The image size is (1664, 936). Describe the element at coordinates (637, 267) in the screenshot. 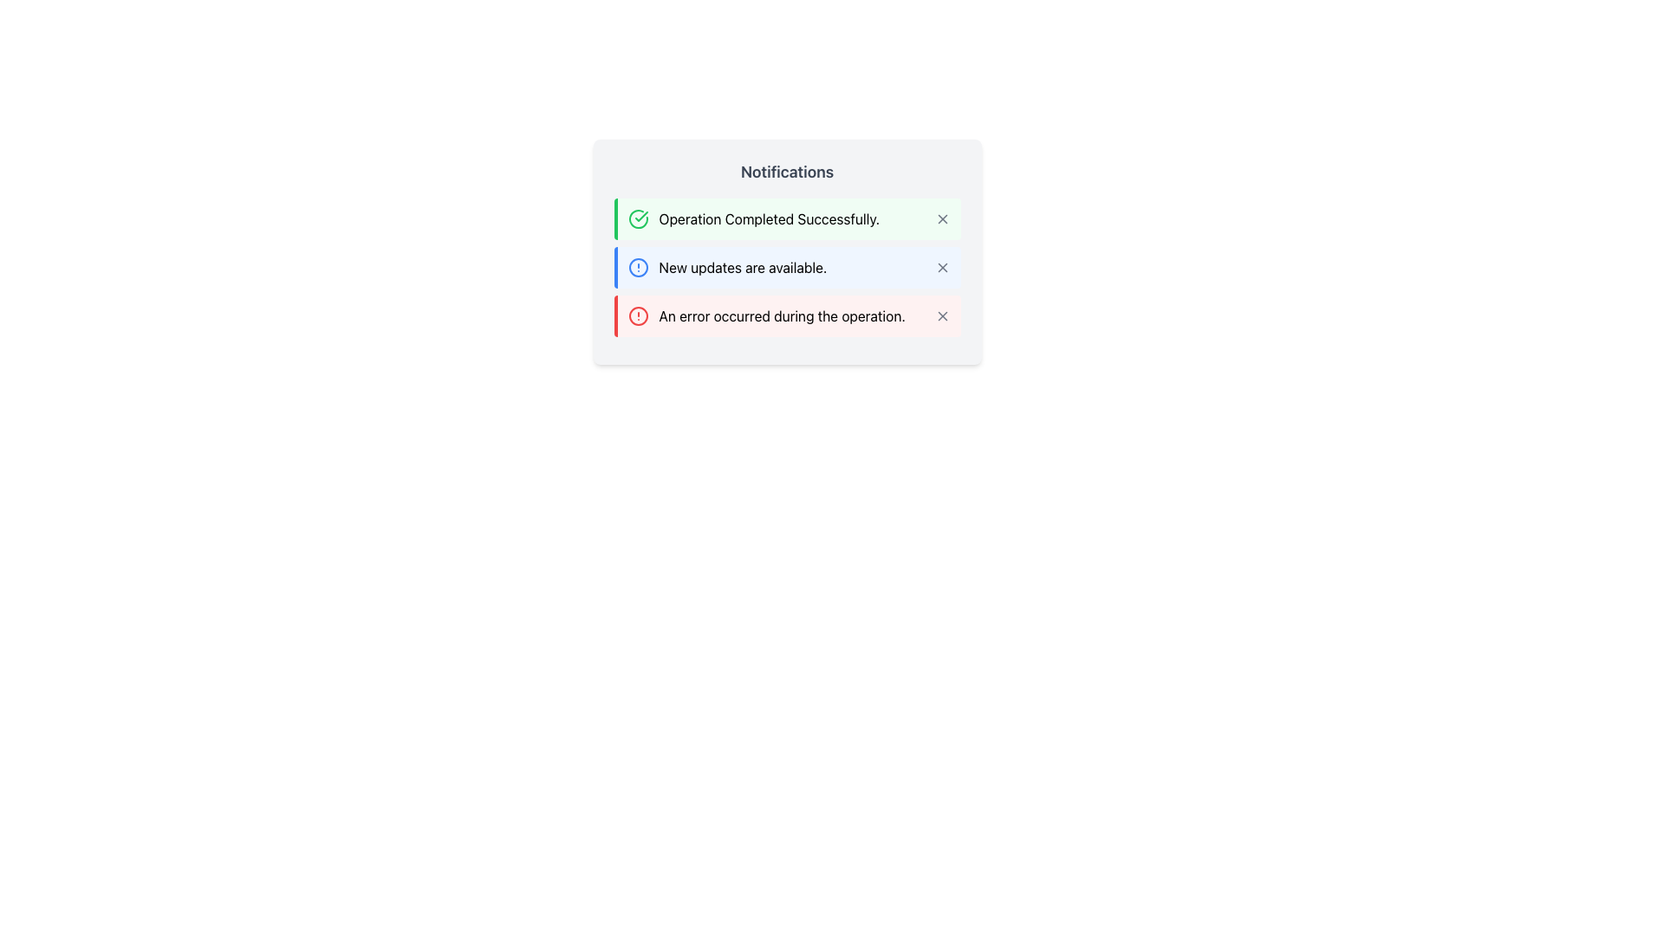

I see `the SVG Circle element that is part of the second notification in the list, positioned on the left side of the text` at that location.